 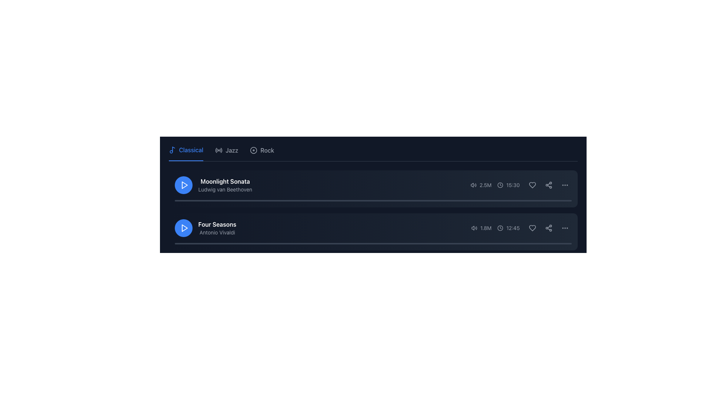 What do you see at coordinates (226, 153) in the screenshot?
I see `the 'Jazz' navigation menu item which is styled with a medium font weight and has a radio wave icon next to it` at bounding box center [226, 153].